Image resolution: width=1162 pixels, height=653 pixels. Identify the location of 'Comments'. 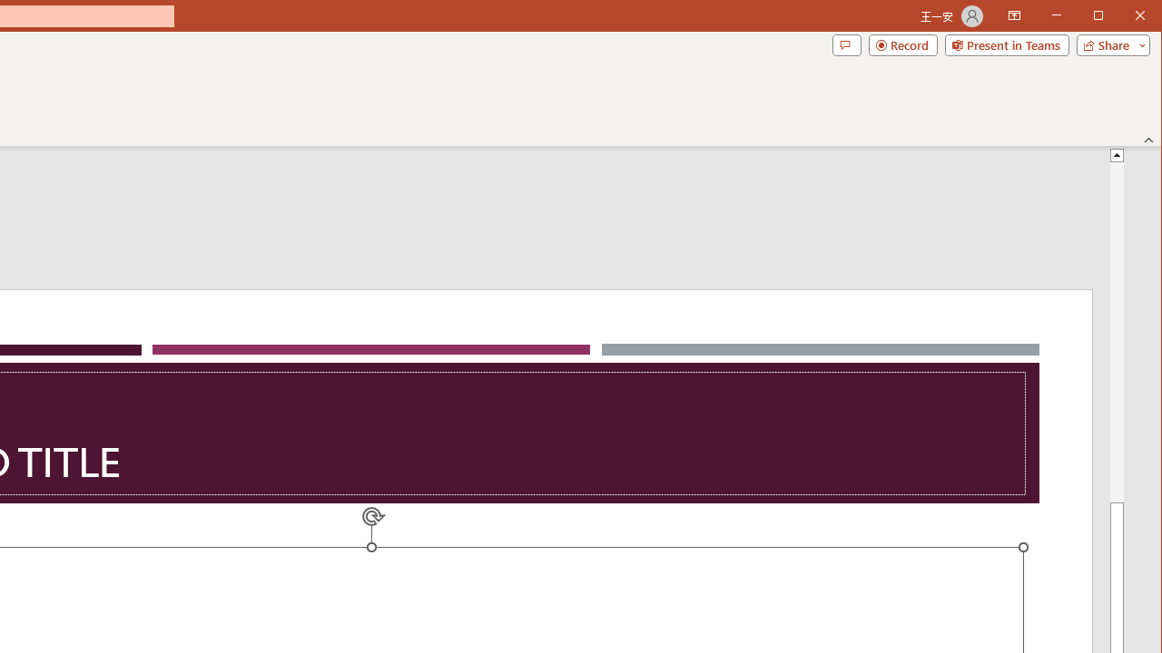
(845, 44).